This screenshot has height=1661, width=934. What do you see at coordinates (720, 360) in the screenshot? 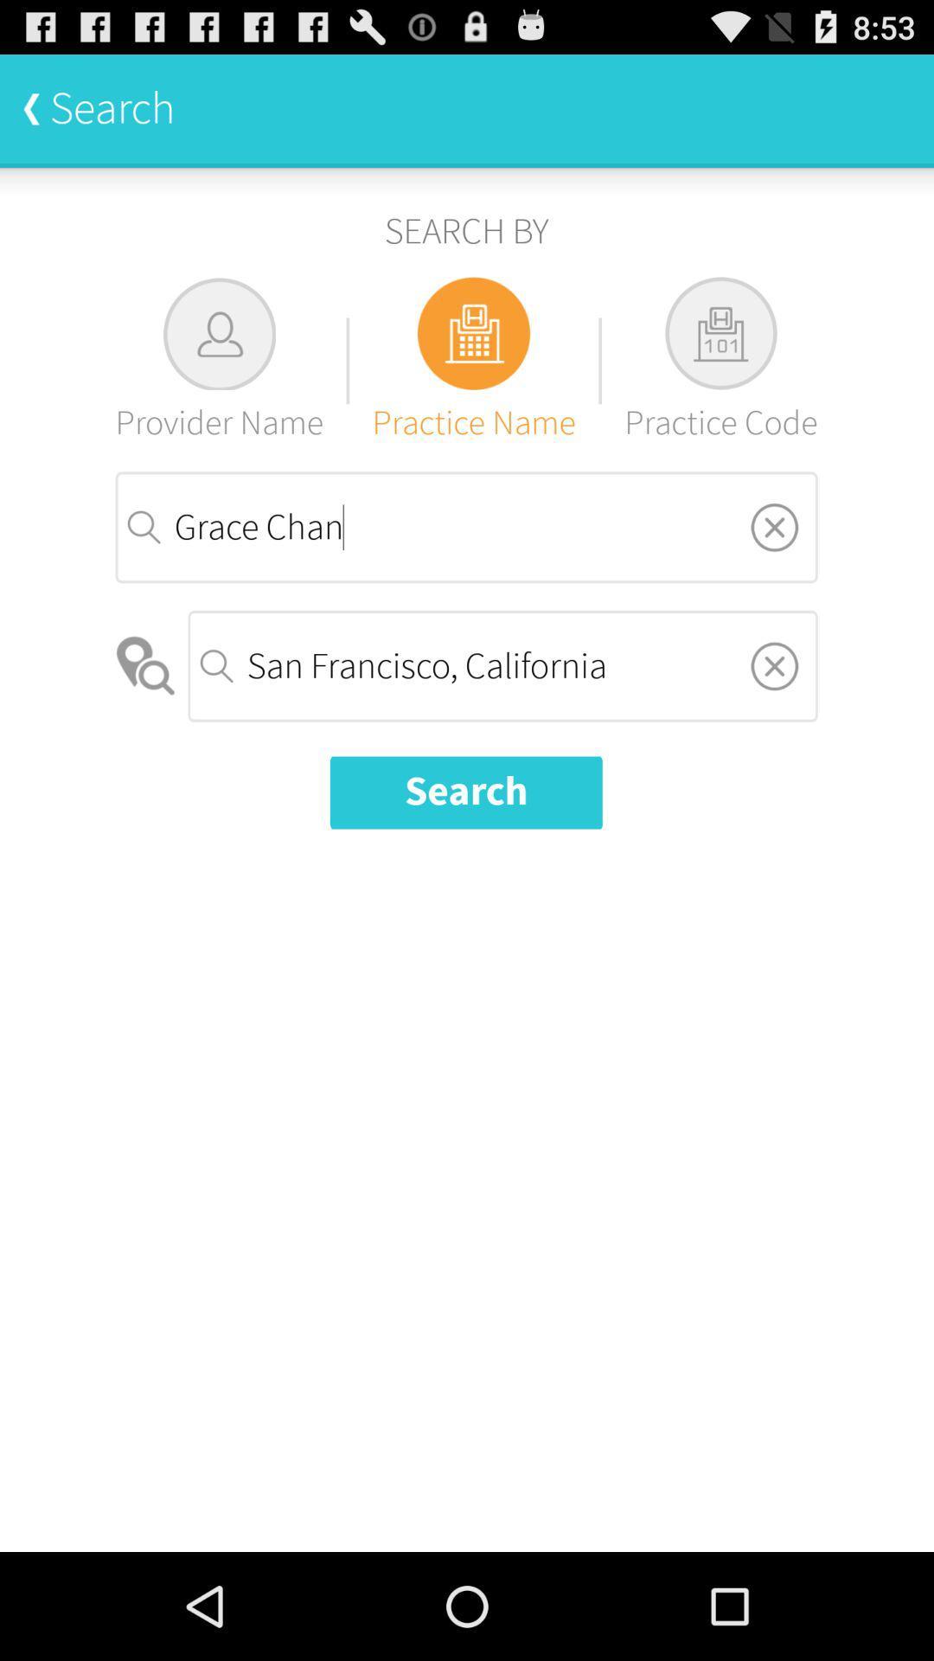
I see `the icon below search by` at bounding box center [720, 360].